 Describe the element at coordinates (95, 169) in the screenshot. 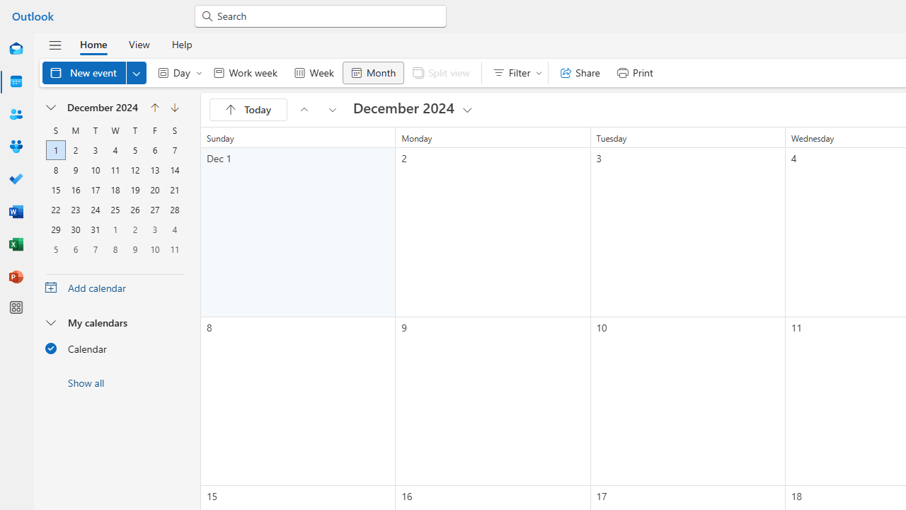

I see `'10, December, 2024'` at that location.